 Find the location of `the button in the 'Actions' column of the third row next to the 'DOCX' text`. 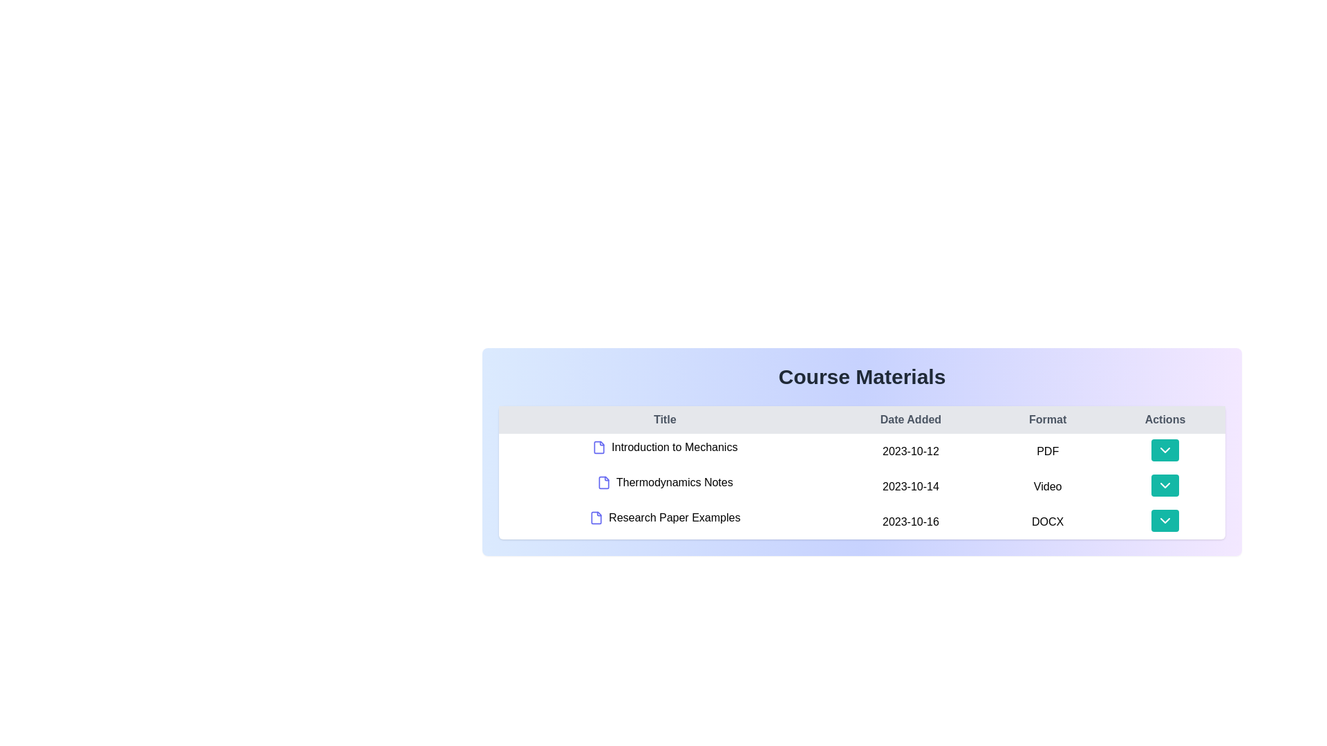

the button in the 'Actions' column of the third row next to the 'DOCX' text is located at coordinates (1164, 522).